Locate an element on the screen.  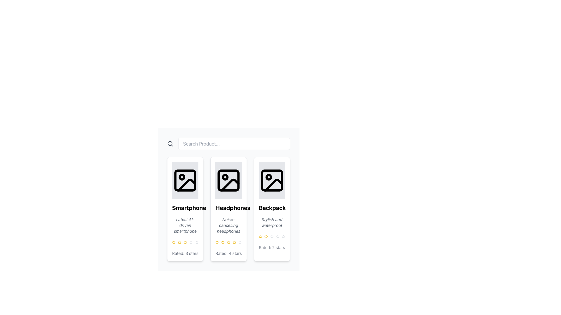
descriptive text about the product's features located in the third product card under the title 'Backpack' is located at coordinates (271, 223).